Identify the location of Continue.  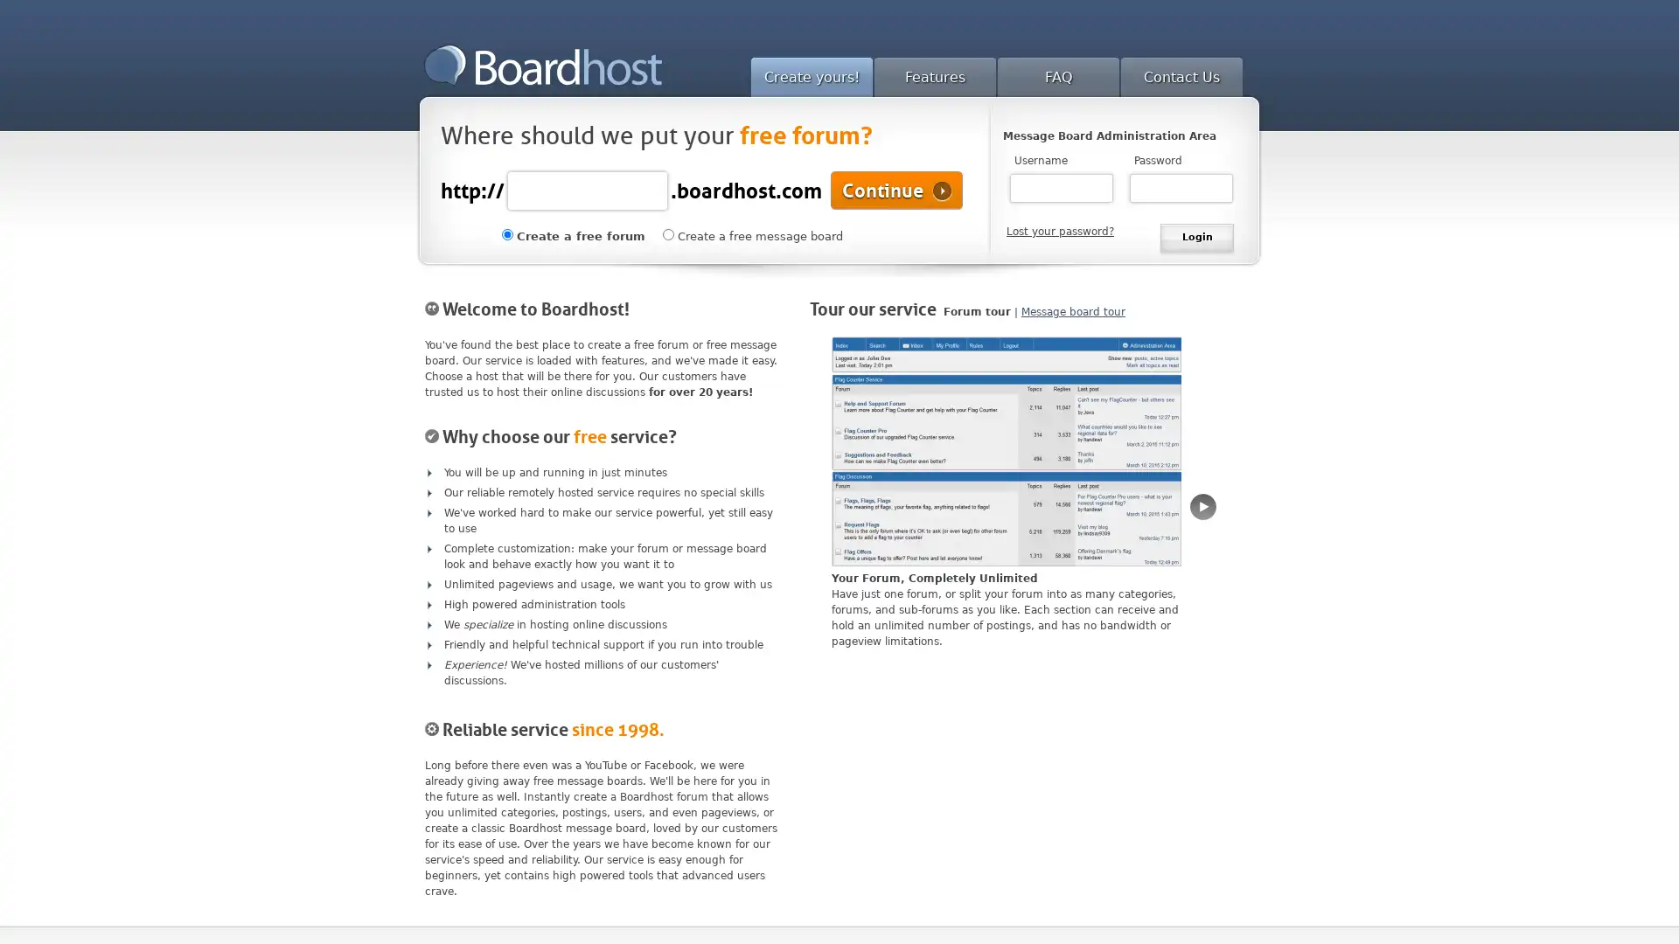
(896, 191).